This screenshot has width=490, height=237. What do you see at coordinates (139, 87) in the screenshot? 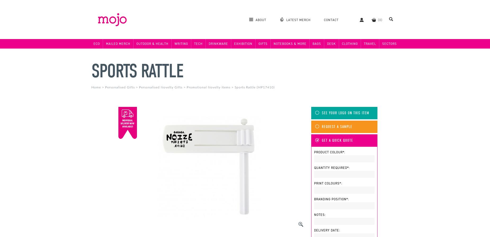
I see `'Personalised Novelty Gifts'` at bounding box center [139, 87].